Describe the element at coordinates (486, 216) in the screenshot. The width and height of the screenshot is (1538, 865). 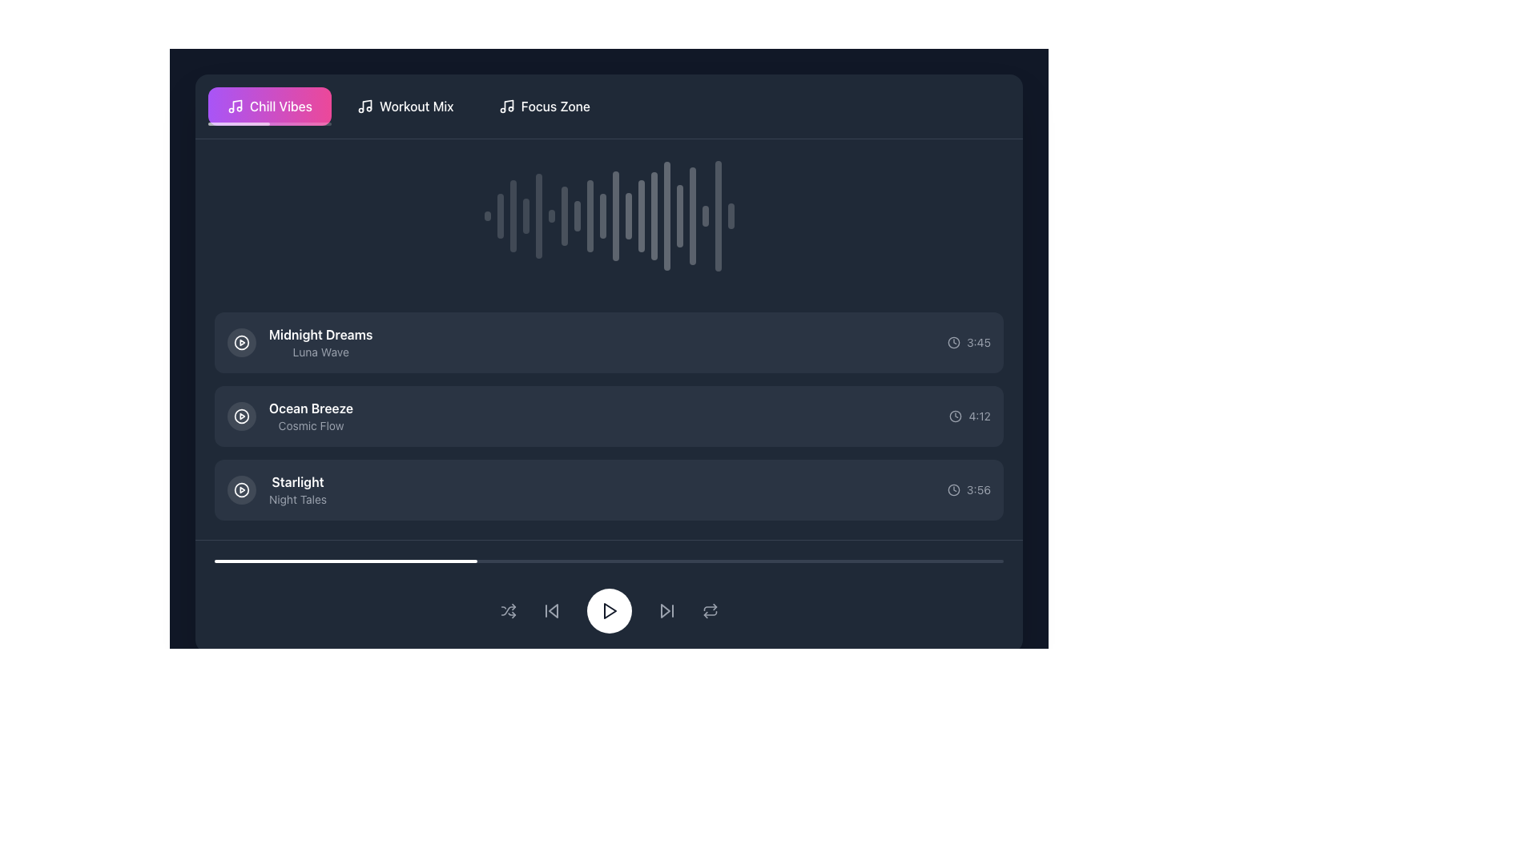
I see `the first vertical bar in the sound wave visualization, which represents audio levels or frequencies` at that location.